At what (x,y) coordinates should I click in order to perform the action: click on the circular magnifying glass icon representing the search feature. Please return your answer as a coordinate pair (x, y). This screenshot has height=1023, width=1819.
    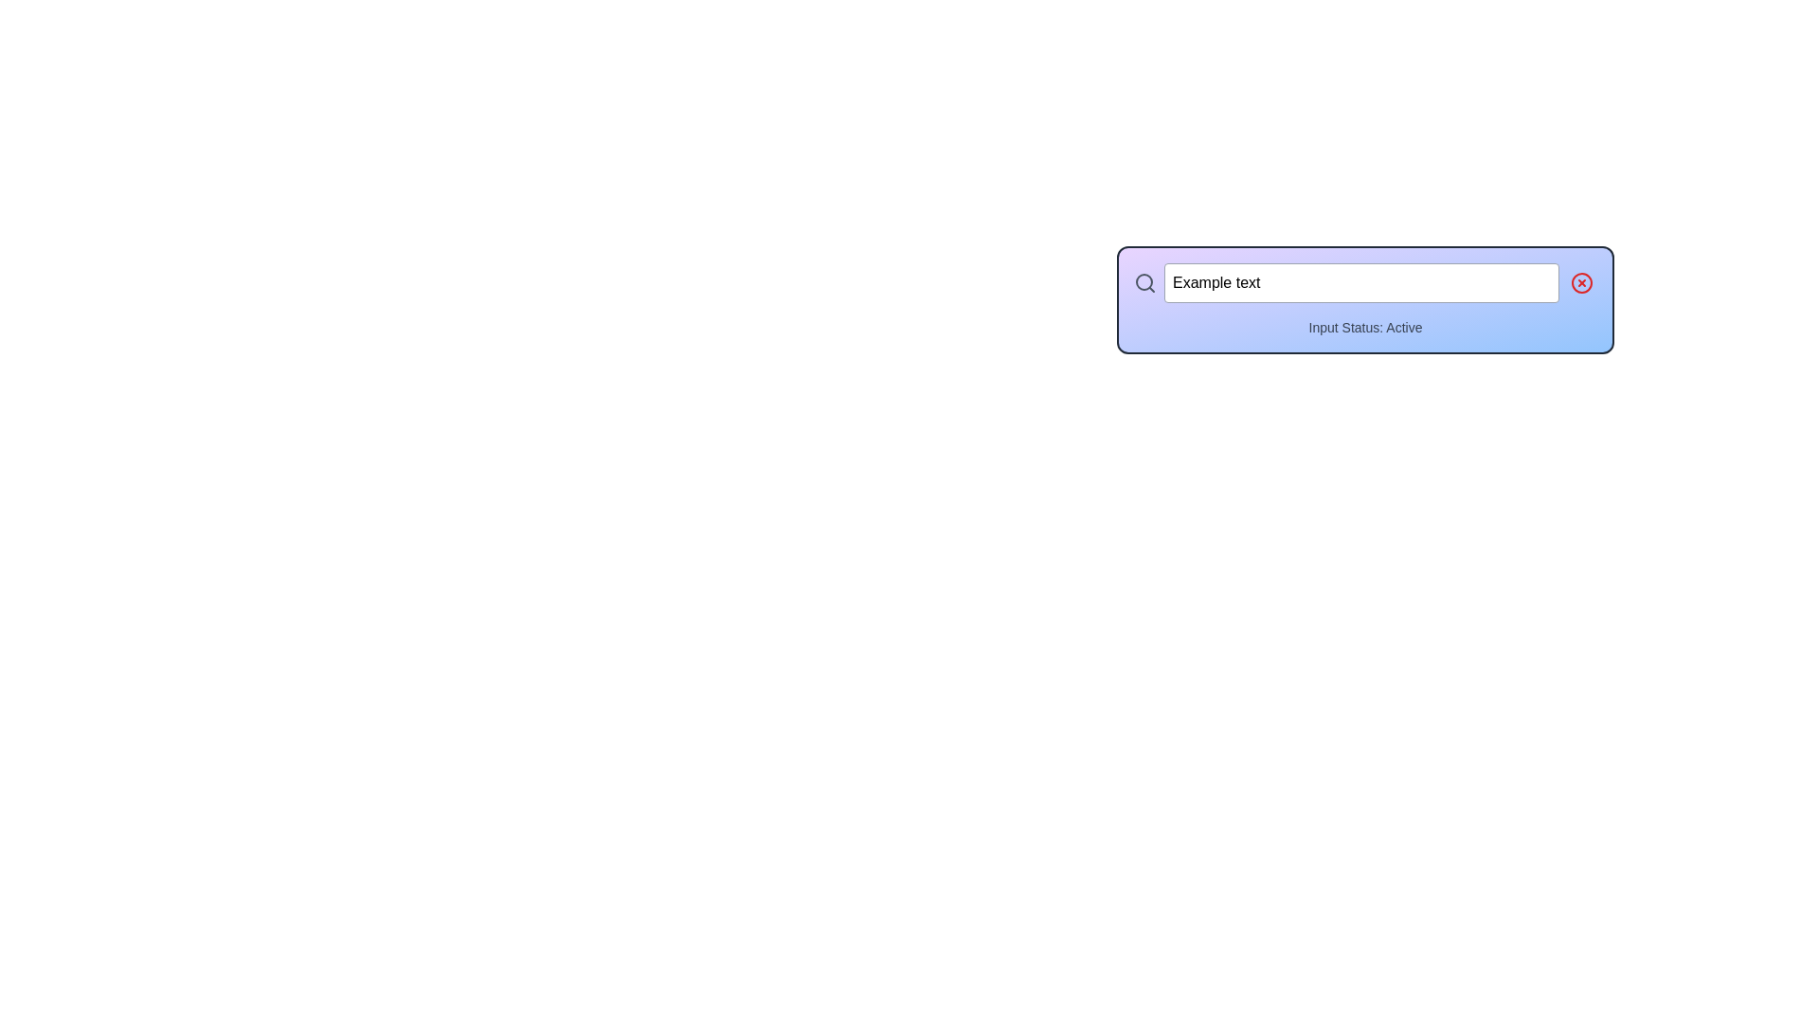
    Looking at the image, I should click on (1144, 283).